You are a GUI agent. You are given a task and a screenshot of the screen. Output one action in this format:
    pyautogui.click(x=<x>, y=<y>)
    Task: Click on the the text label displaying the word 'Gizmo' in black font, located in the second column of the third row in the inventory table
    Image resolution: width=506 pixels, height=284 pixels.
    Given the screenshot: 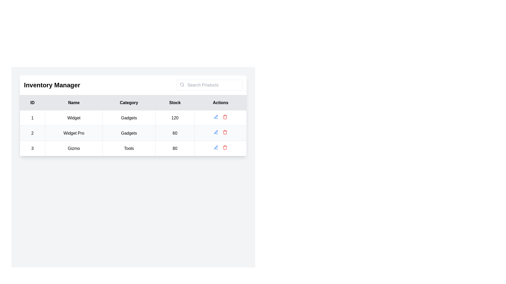 What is the action you would take?
    pyautogui.click(x=74, y=148)
    